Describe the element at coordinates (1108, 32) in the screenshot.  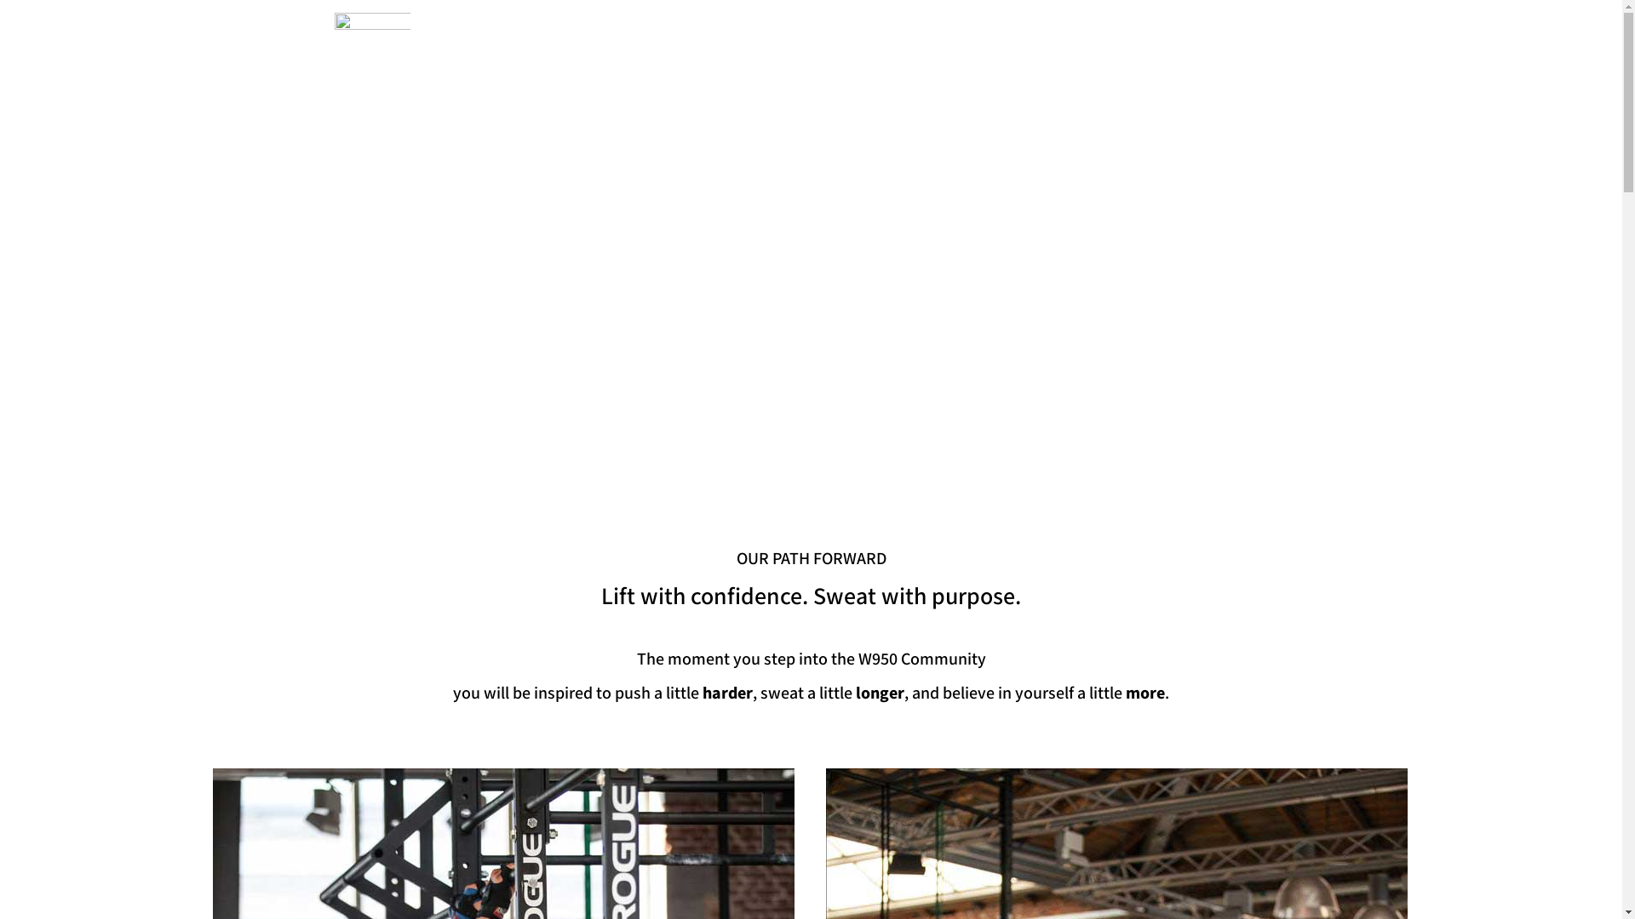
I see `'KIDS'` at that location.